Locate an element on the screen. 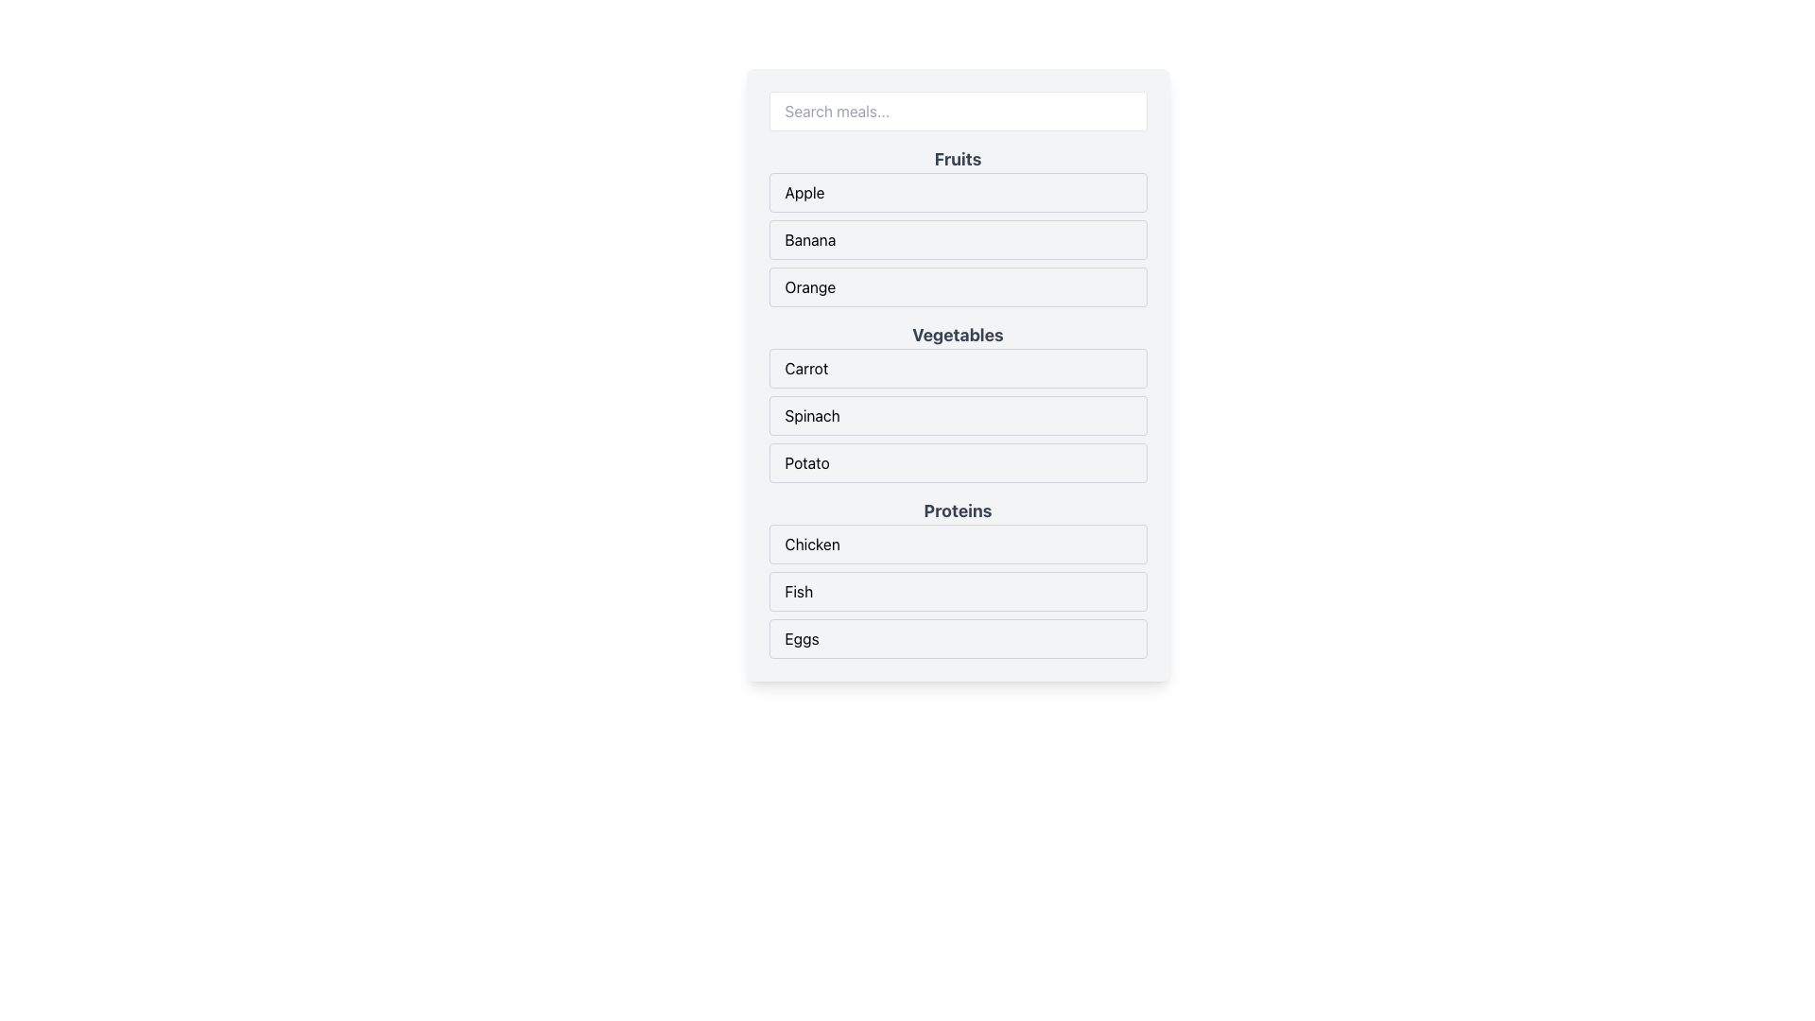 The image size is (1815, 1021). the 'Chicken' category button, which is the first selectable option under the 'Proteins' category in a vertically stacked list is located at coordinates (958, 544).